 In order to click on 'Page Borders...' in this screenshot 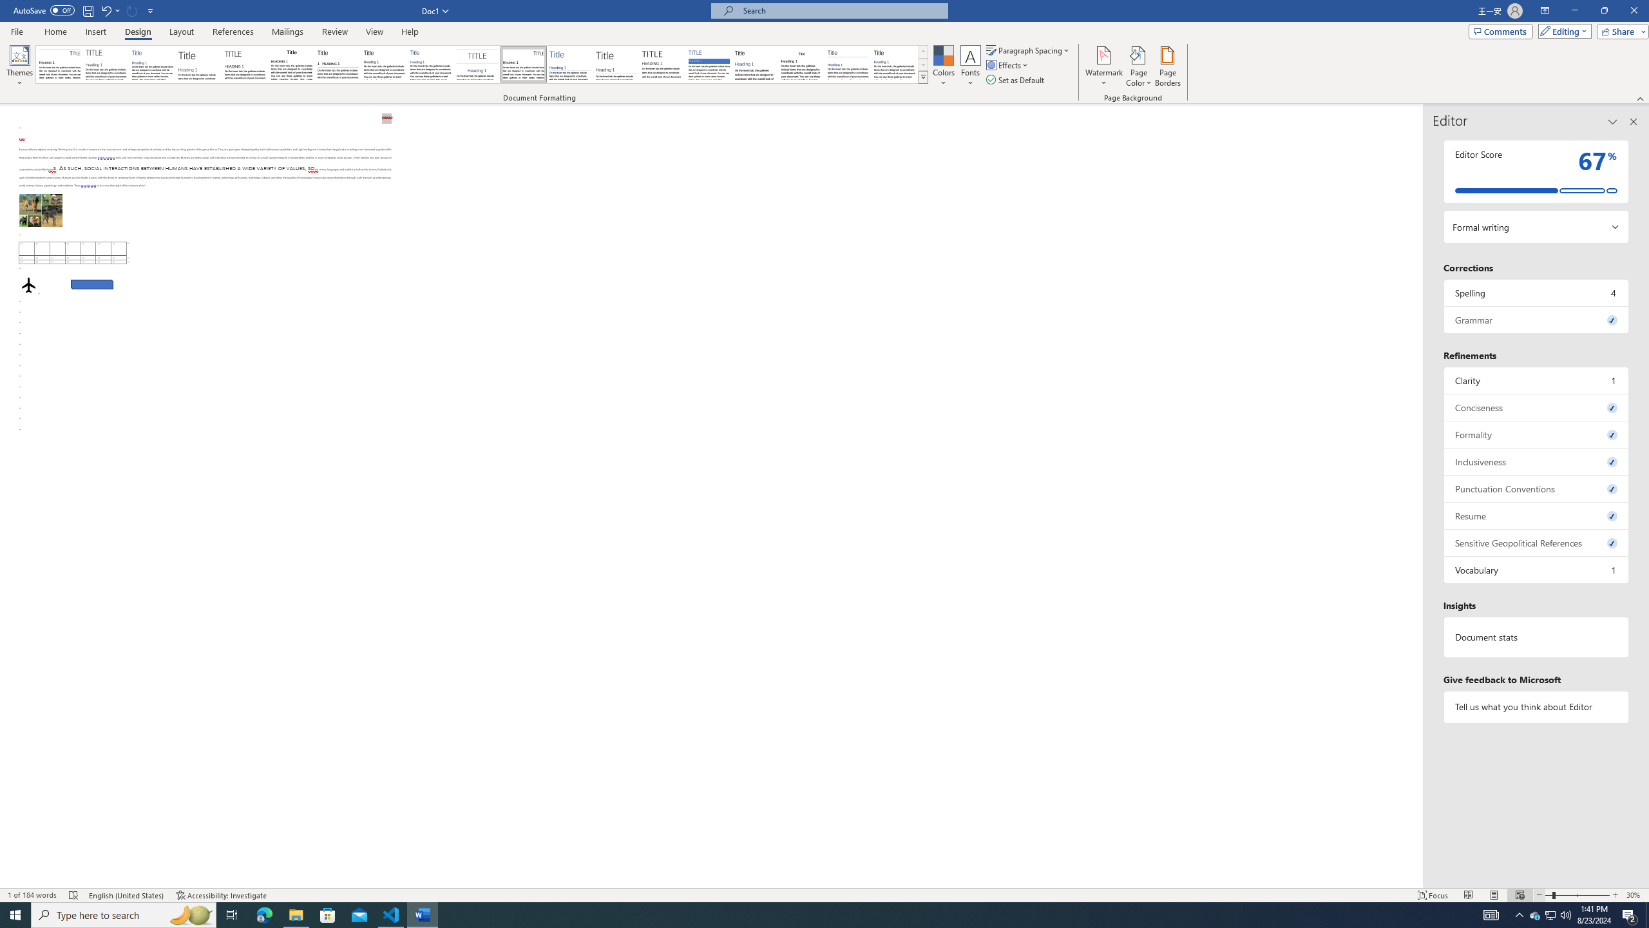, I will do `click(1168, 66)`.